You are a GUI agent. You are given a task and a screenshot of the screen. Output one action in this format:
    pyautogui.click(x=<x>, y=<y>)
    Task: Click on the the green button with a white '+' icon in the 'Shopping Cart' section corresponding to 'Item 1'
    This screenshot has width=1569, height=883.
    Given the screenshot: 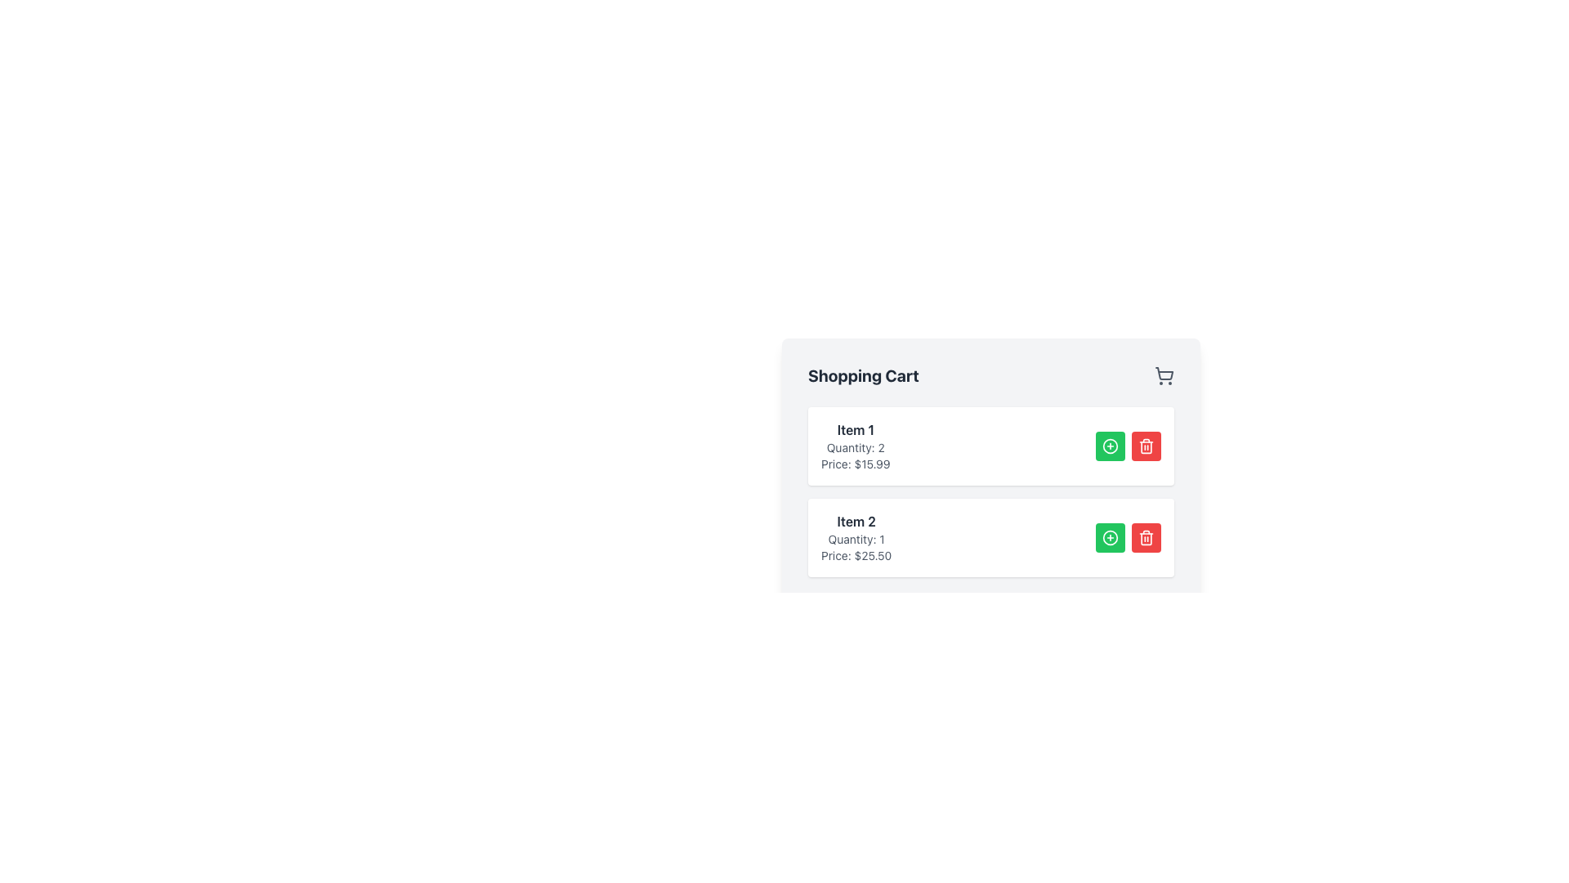 What is the action you would take?
    pyautogui.click(x=1110, y=446)
    